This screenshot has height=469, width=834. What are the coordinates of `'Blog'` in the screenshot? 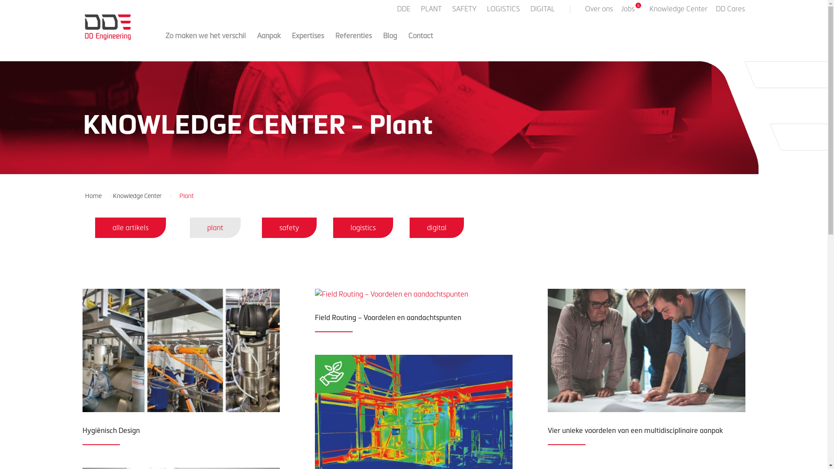 It's located at (383, 43).